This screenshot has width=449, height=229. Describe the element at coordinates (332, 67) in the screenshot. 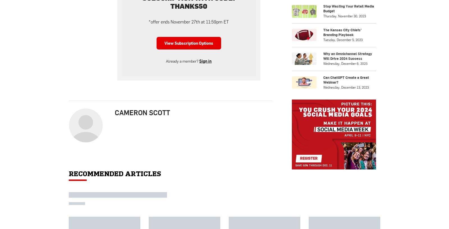

I see `'Upcoming Webinars'` at that location.